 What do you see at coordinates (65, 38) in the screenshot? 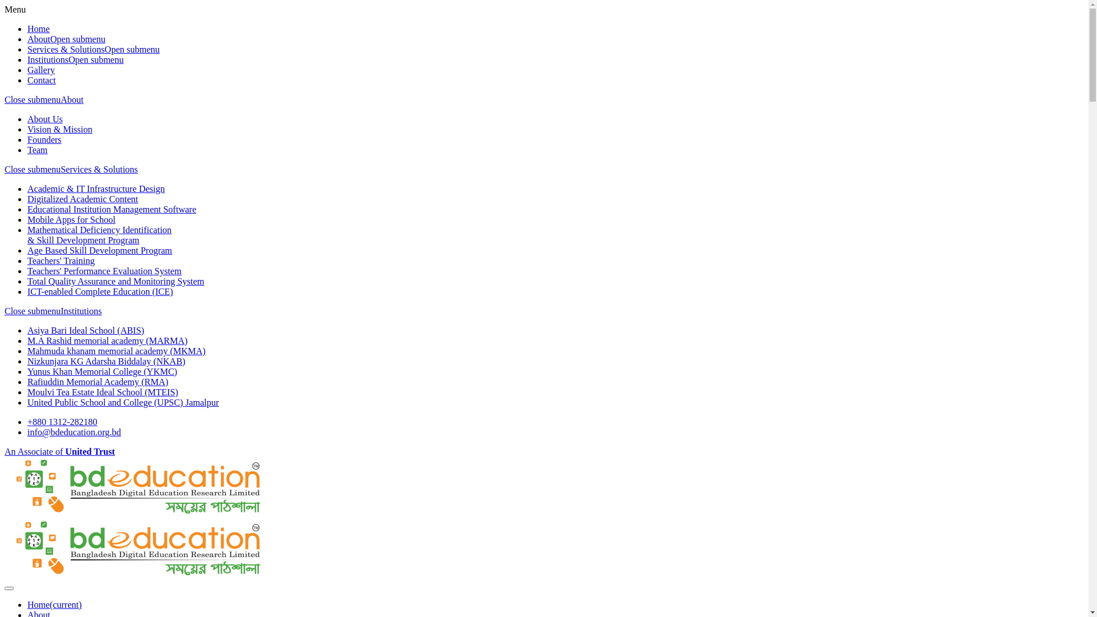
I see `'AboutOpen submenu'` at bounding box center [65, 38].